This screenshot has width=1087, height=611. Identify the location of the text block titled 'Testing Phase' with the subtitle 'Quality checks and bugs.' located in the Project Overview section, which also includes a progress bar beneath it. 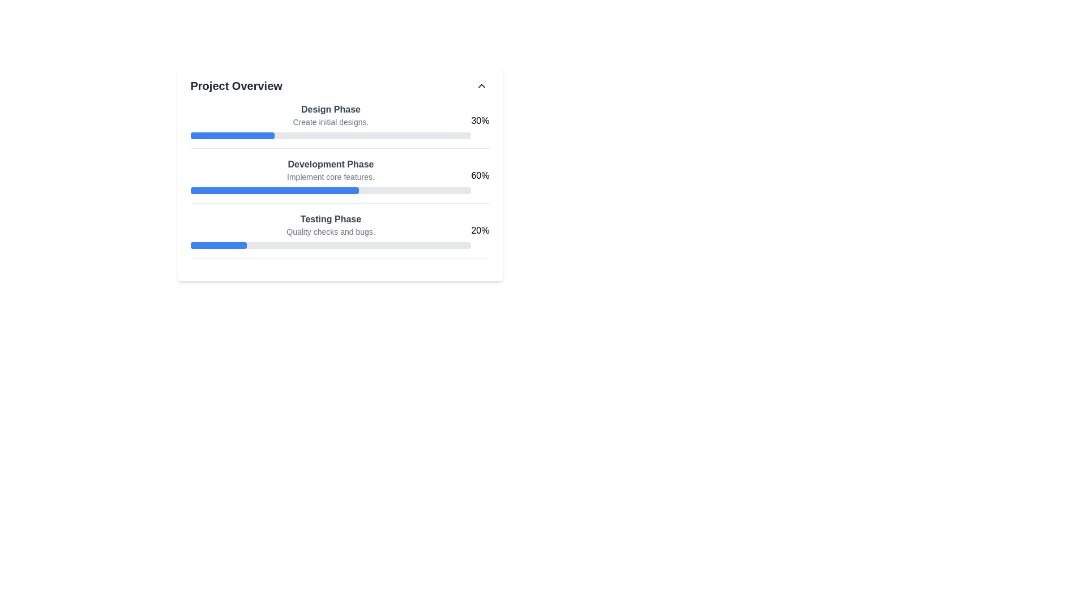
(330, 230).